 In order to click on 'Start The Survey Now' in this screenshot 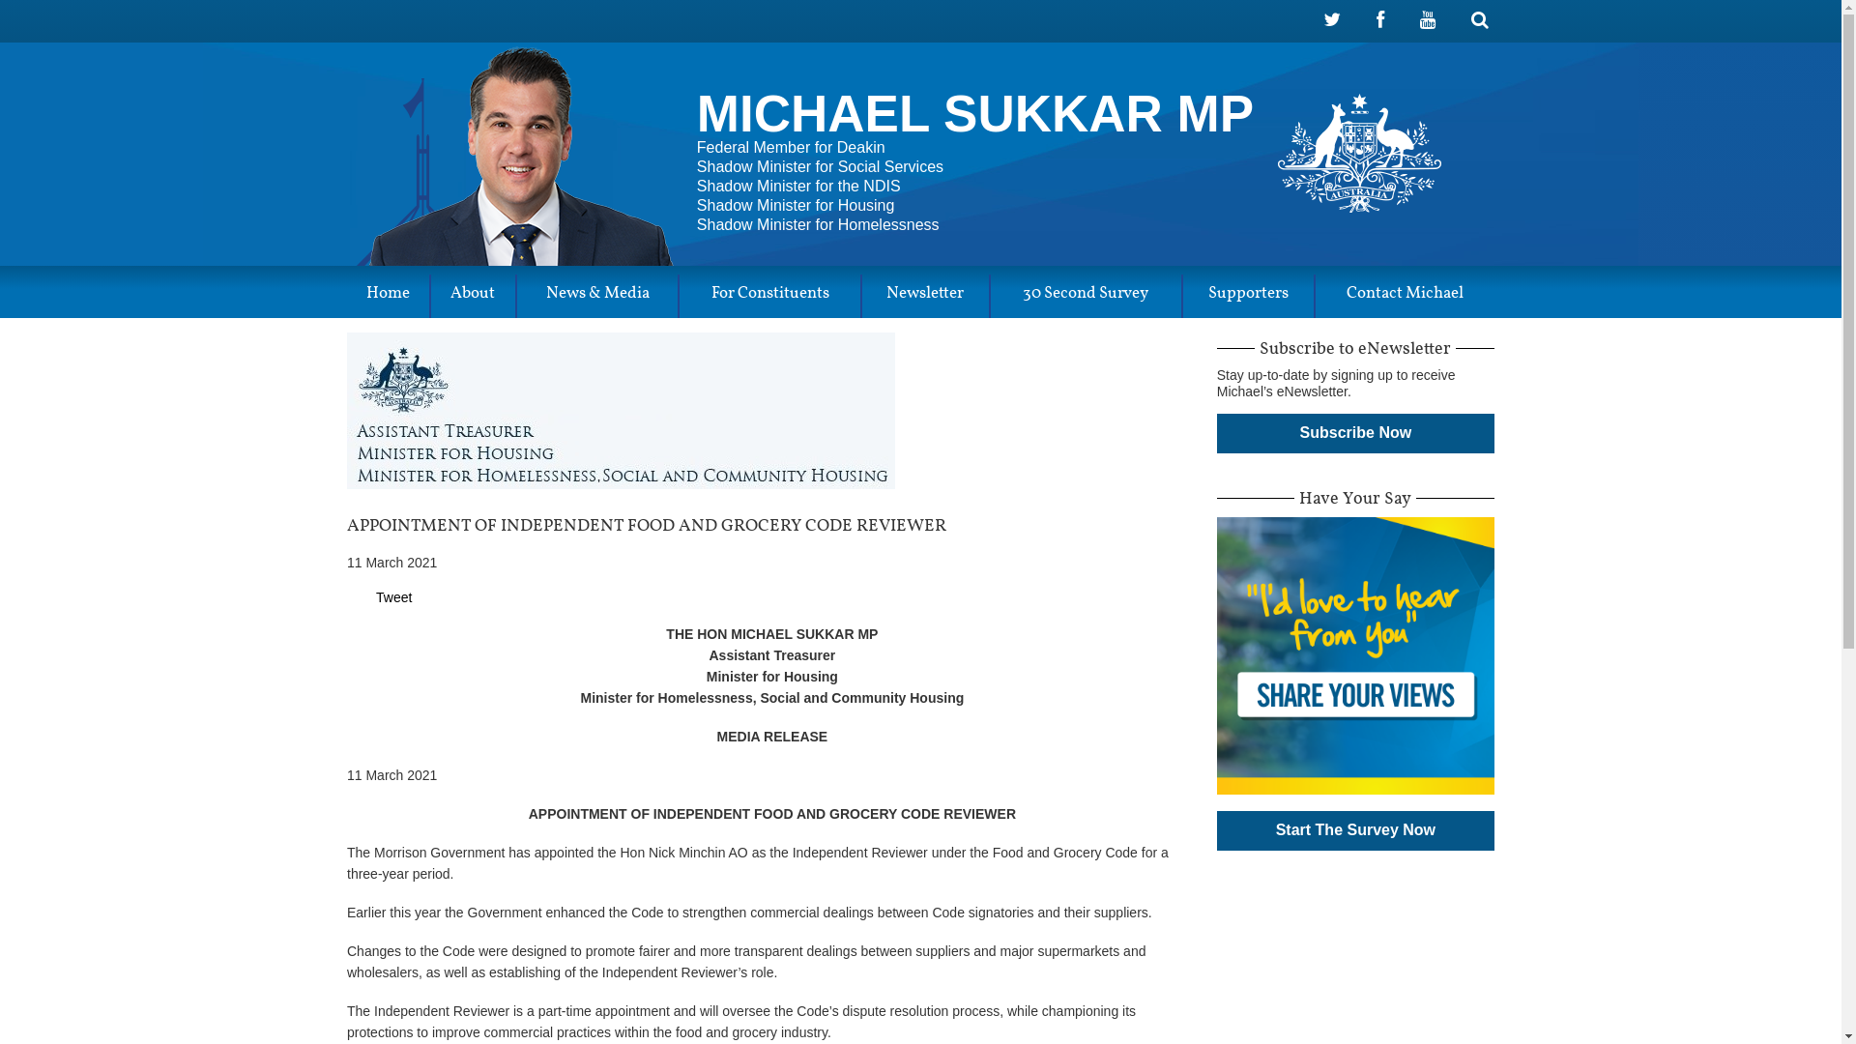, I will do `click(1354, 829)`.